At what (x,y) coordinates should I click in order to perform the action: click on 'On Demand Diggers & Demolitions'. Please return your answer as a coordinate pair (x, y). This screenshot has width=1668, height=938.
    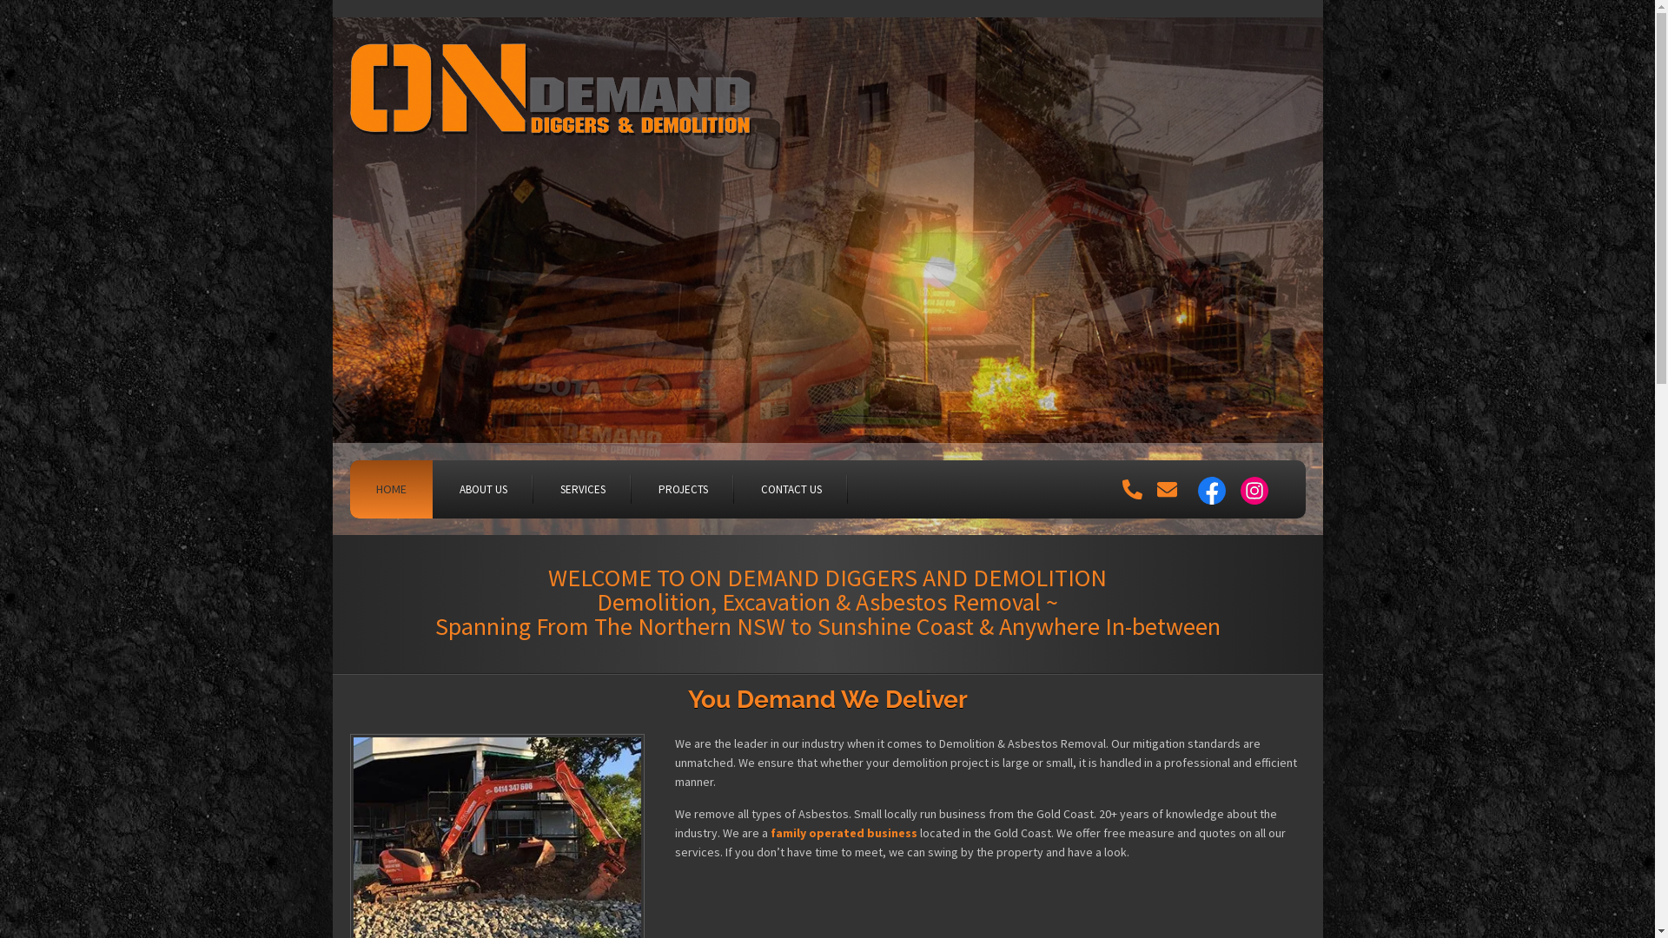
    Looking at the image, I should click on (553, 95).